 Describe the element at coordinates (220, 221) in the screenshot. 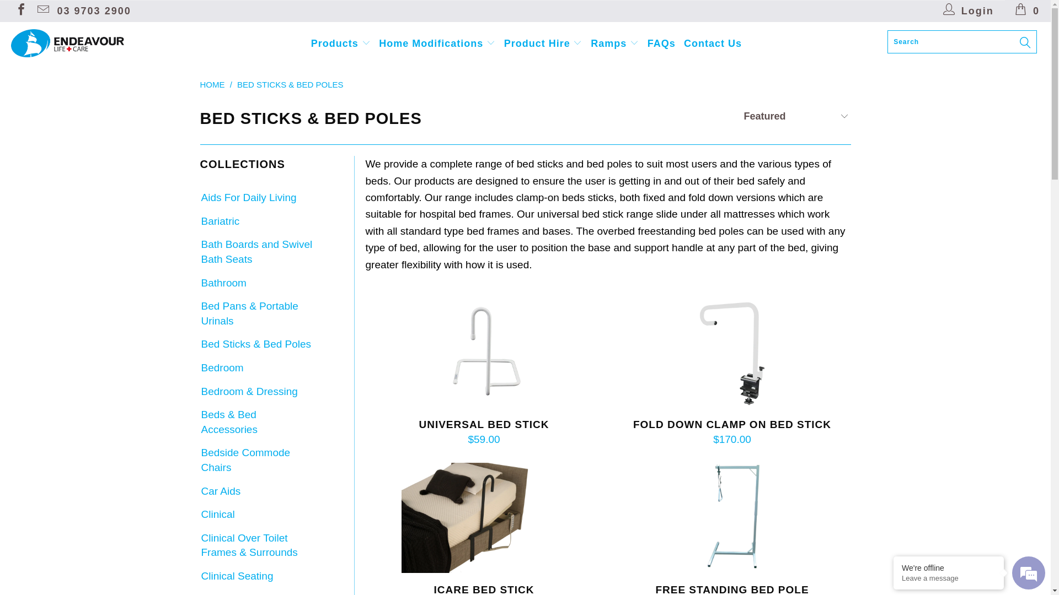

I see `'Bariatric'` at that location.